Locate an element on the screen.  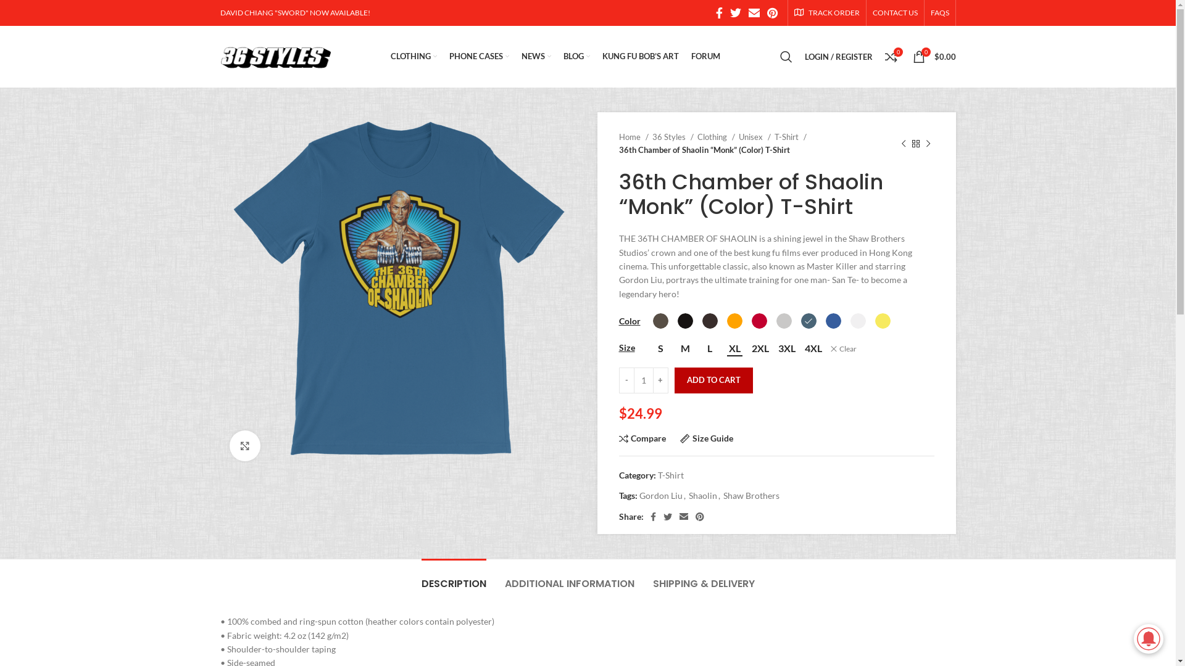
'FORUM' is located at coordinates (705, 57).